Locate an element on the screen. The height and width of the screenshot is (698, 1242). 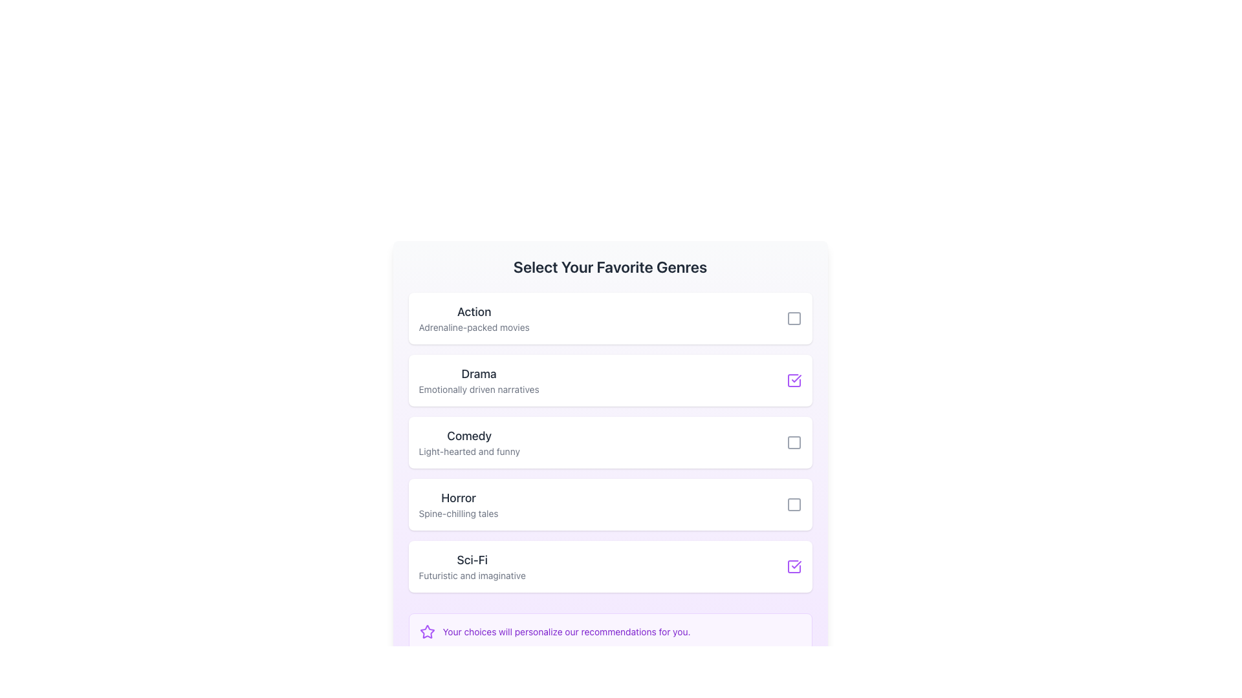
genre name 'Drama' displayed in bold text, located in the second list item under 'Select Your Favorite Genres', positioned above 'Emotionally driven narratives' is located at coordinates (478, 374).